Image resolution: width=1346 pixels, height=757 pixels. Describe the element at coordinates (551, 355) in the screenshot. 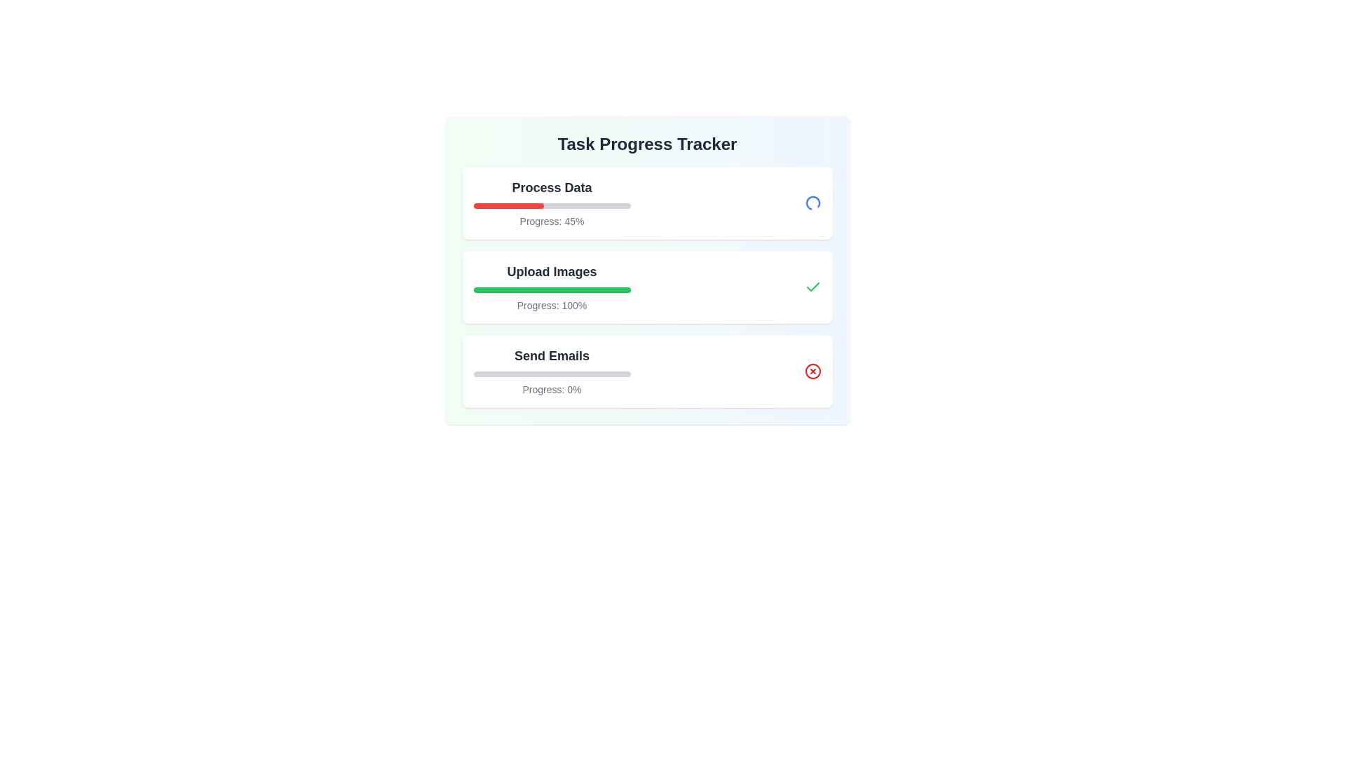

I see `the 'Send Emails' text label, which serves as the title for the third task in the list` at that location.